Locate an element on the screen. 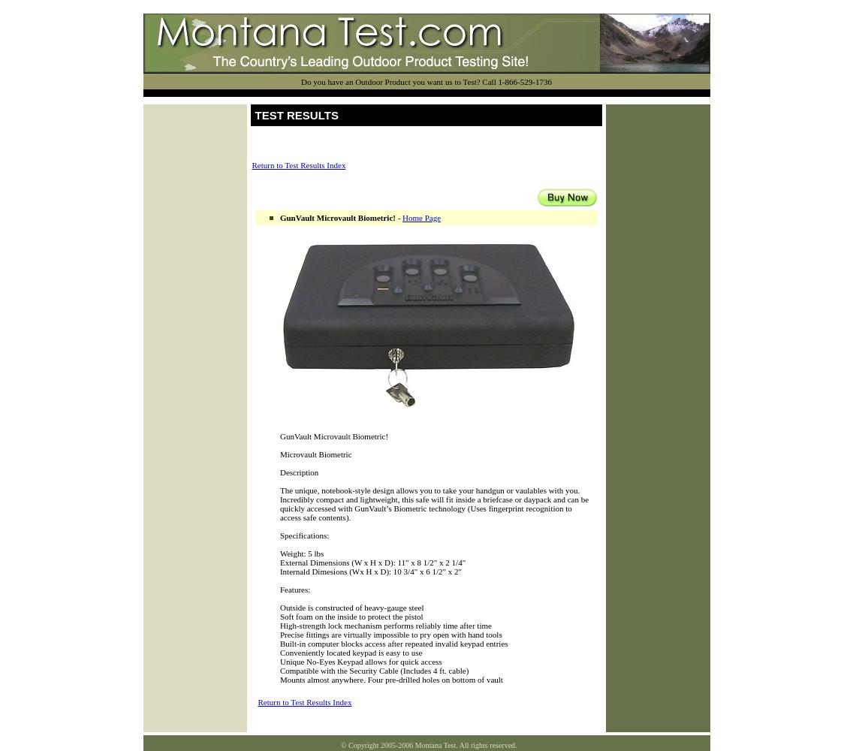 Image resolution: width=853 pixels, height=751 pixels. 'Microvault Biometric' is located at coordinates (315, 454).